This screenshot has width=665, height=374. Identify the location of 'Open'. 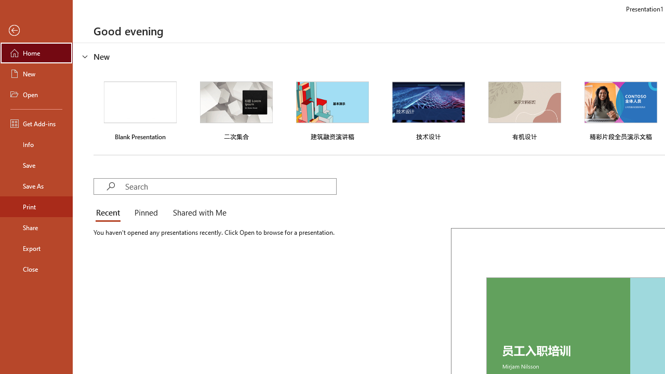
(36, 95).